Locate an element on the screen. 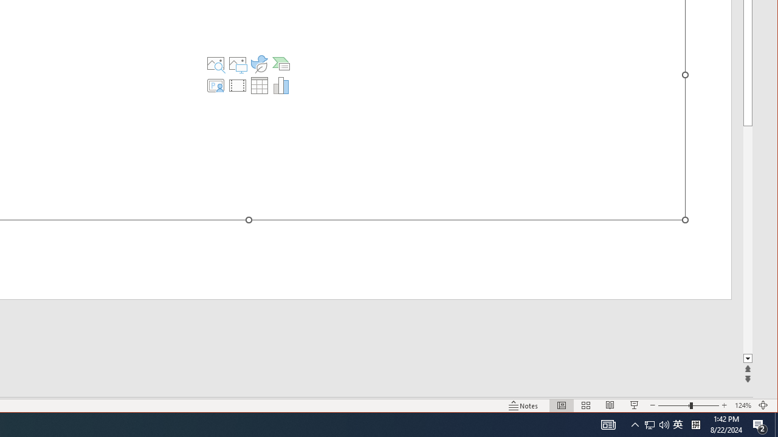  'Zoom 124%' is located at coordinates (742, 405).